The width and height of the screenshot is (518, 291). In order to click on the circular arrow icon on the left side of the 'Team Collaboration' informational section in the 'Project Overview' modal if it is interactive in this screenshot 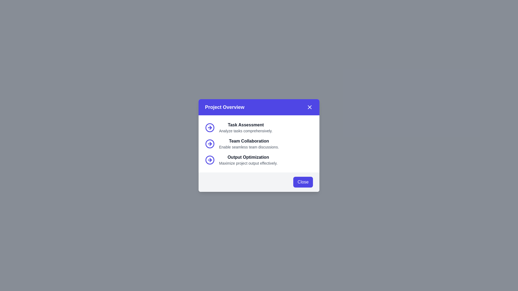, I will do `click(259, 143)`.